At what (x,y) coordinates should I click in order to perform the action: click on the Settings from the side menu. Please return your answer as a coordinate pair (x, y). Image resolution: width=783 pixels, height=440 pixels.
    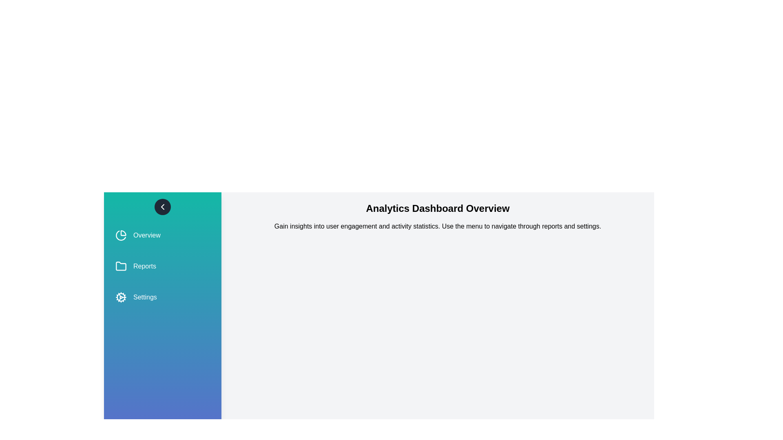
    Looking at the image, I should click on (162, 297).